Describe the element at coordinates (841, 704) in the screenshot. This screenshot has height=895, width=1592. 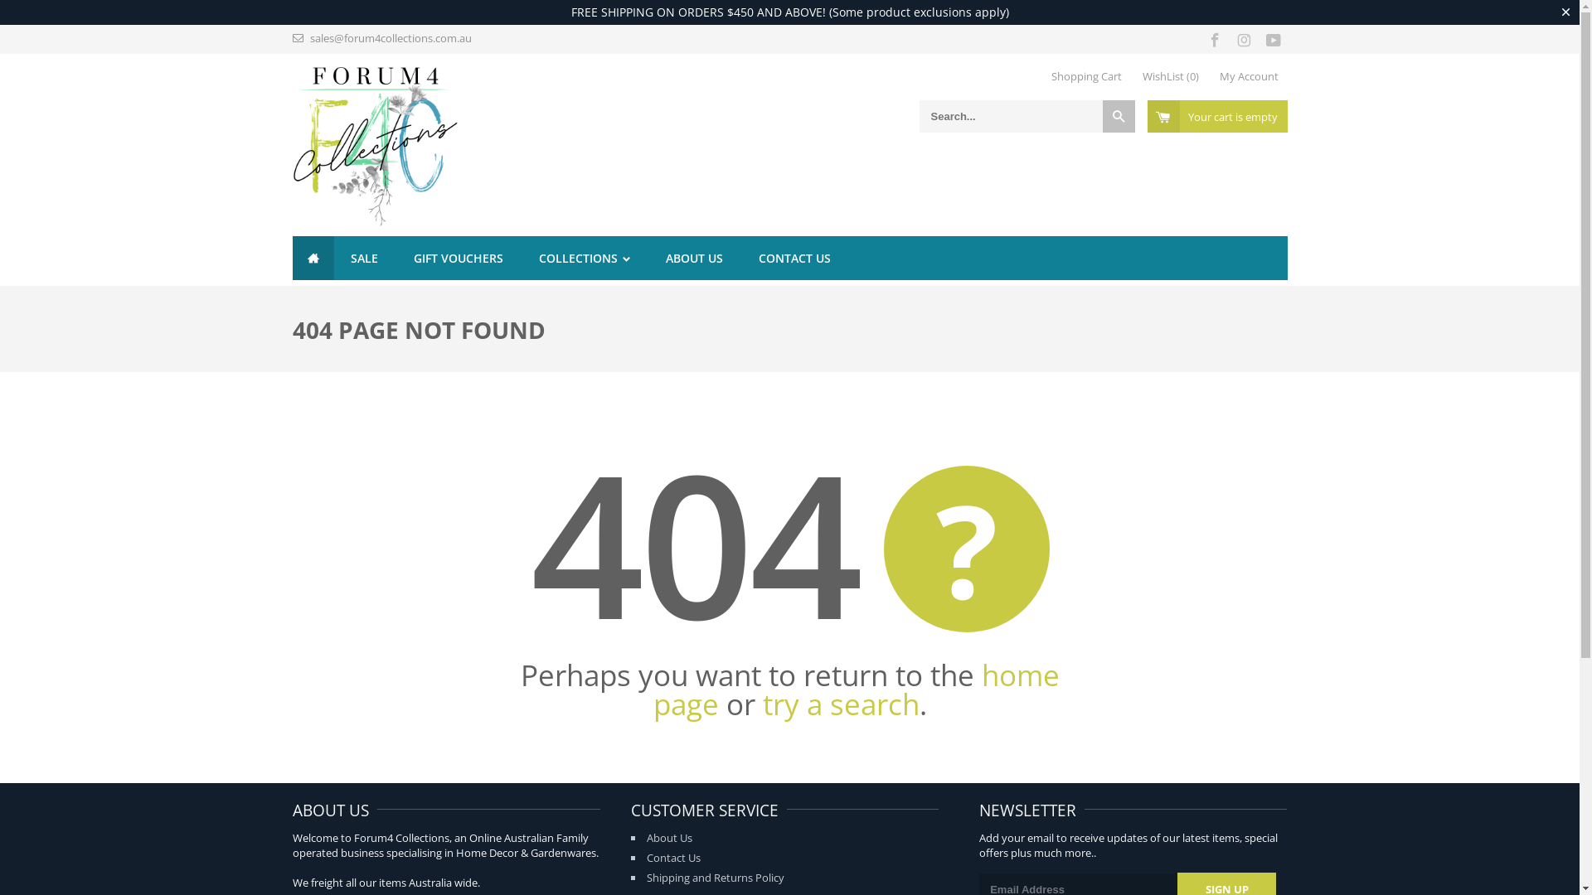
I see `'try a search'` at that location.